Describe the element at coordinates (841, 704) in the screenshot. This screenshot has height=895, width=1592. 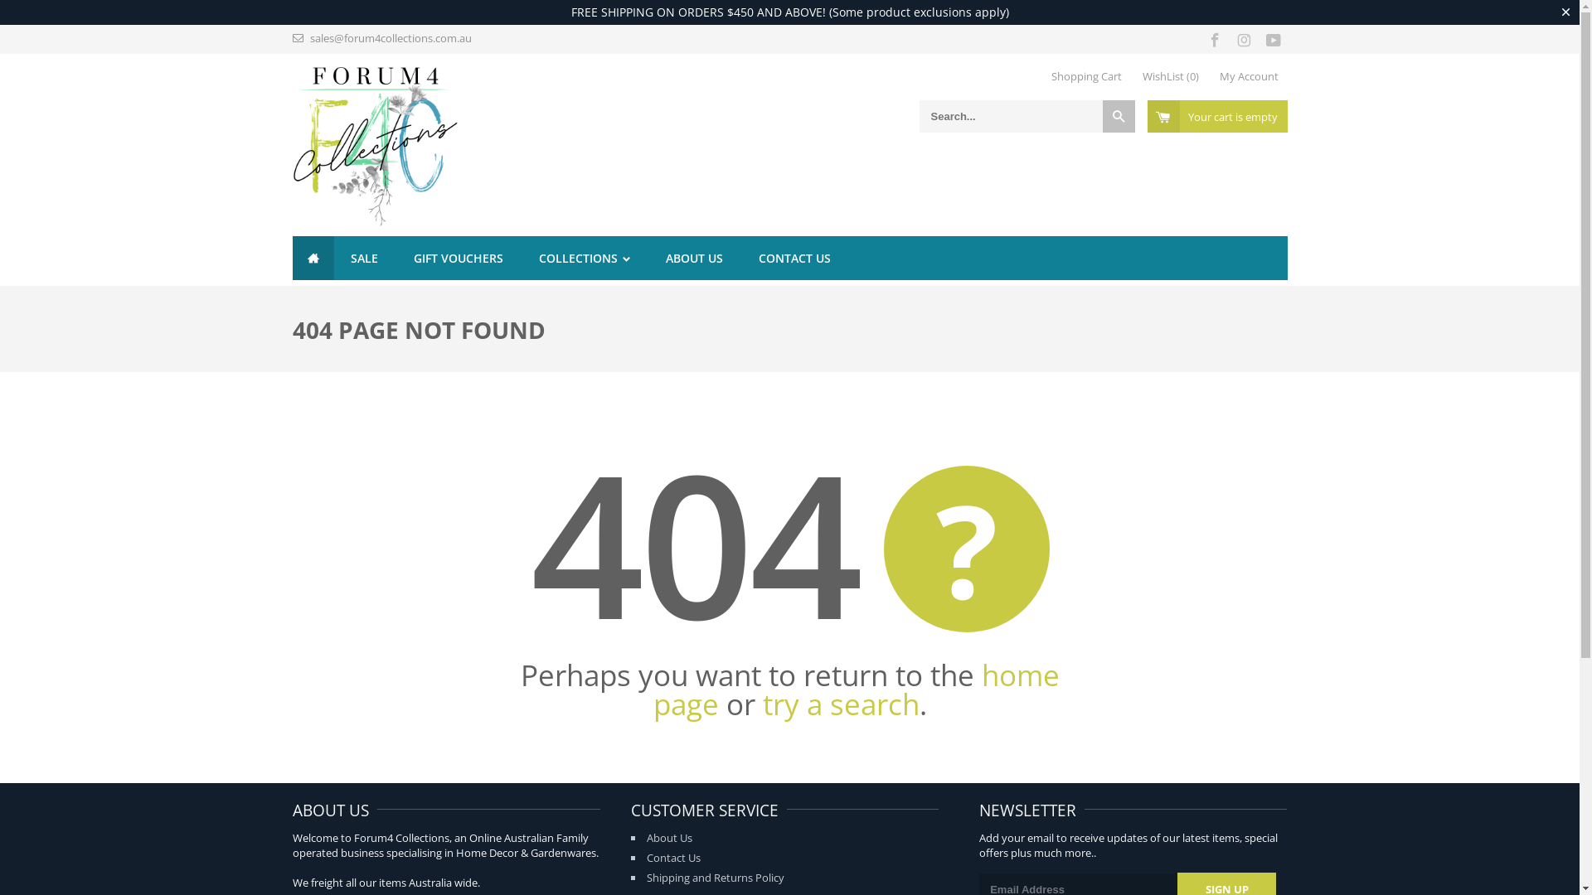
I see `'try a search'` at that location.